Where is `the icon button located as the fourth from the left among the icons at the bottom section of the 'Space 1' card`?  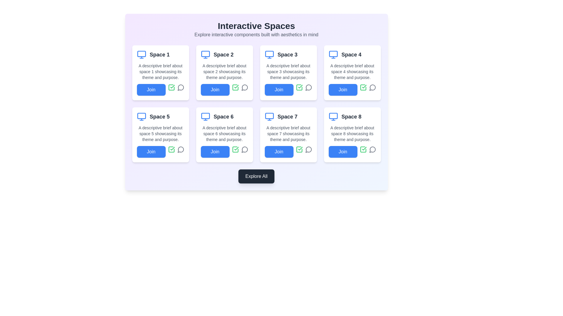
the icon button located as the fourth from the left among the icons at the bottom section of the 'Space 1' card is located at coordinates (180, 87).